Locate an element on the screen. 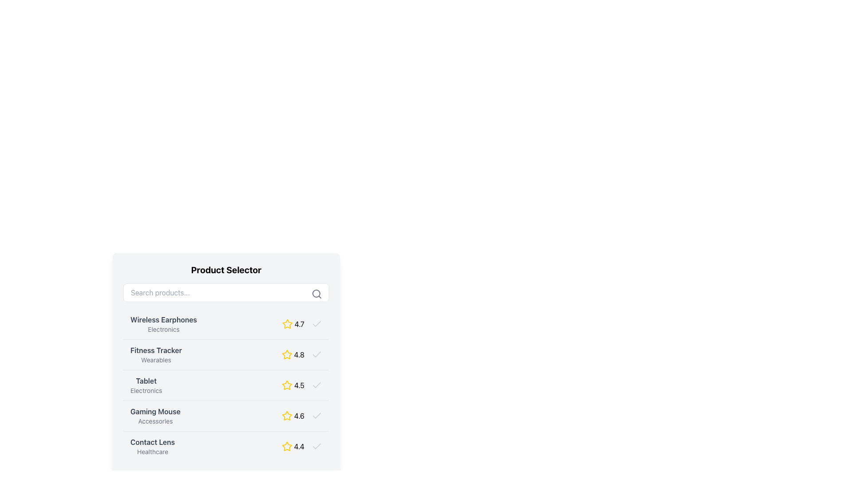  the 'Fitness Tracker' list item is located at coordinates (226, 362).